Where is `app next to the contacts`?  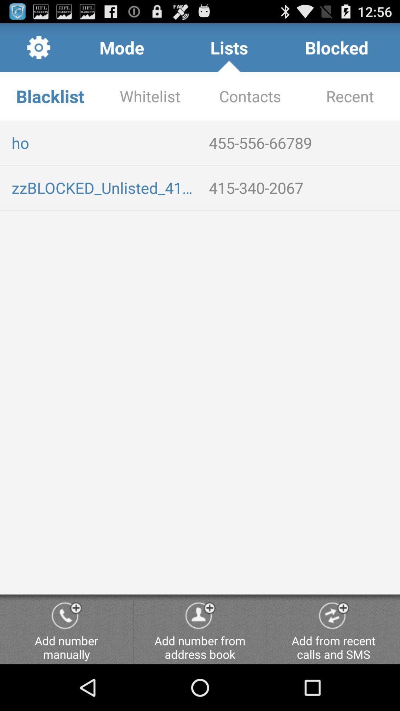
app next to the contacts is located at coordinates (150, 96).